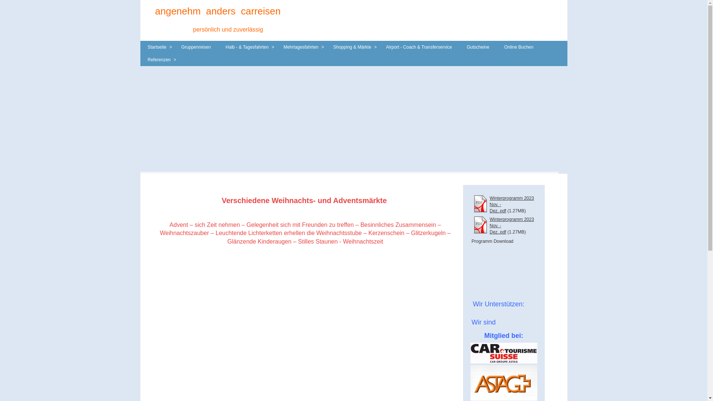 The image size is (713, 401). Describe the element at coordinates (478, 47) in the screenshot. I see `'Gutscheine'` at that location.